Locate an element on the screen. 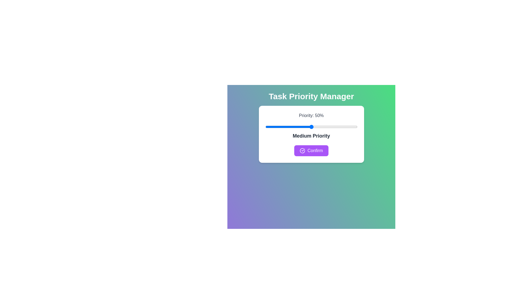 The width and height of the screenshot is (526, 296). the slider to set the task priority to 79% is located at coordinates (338, 127).